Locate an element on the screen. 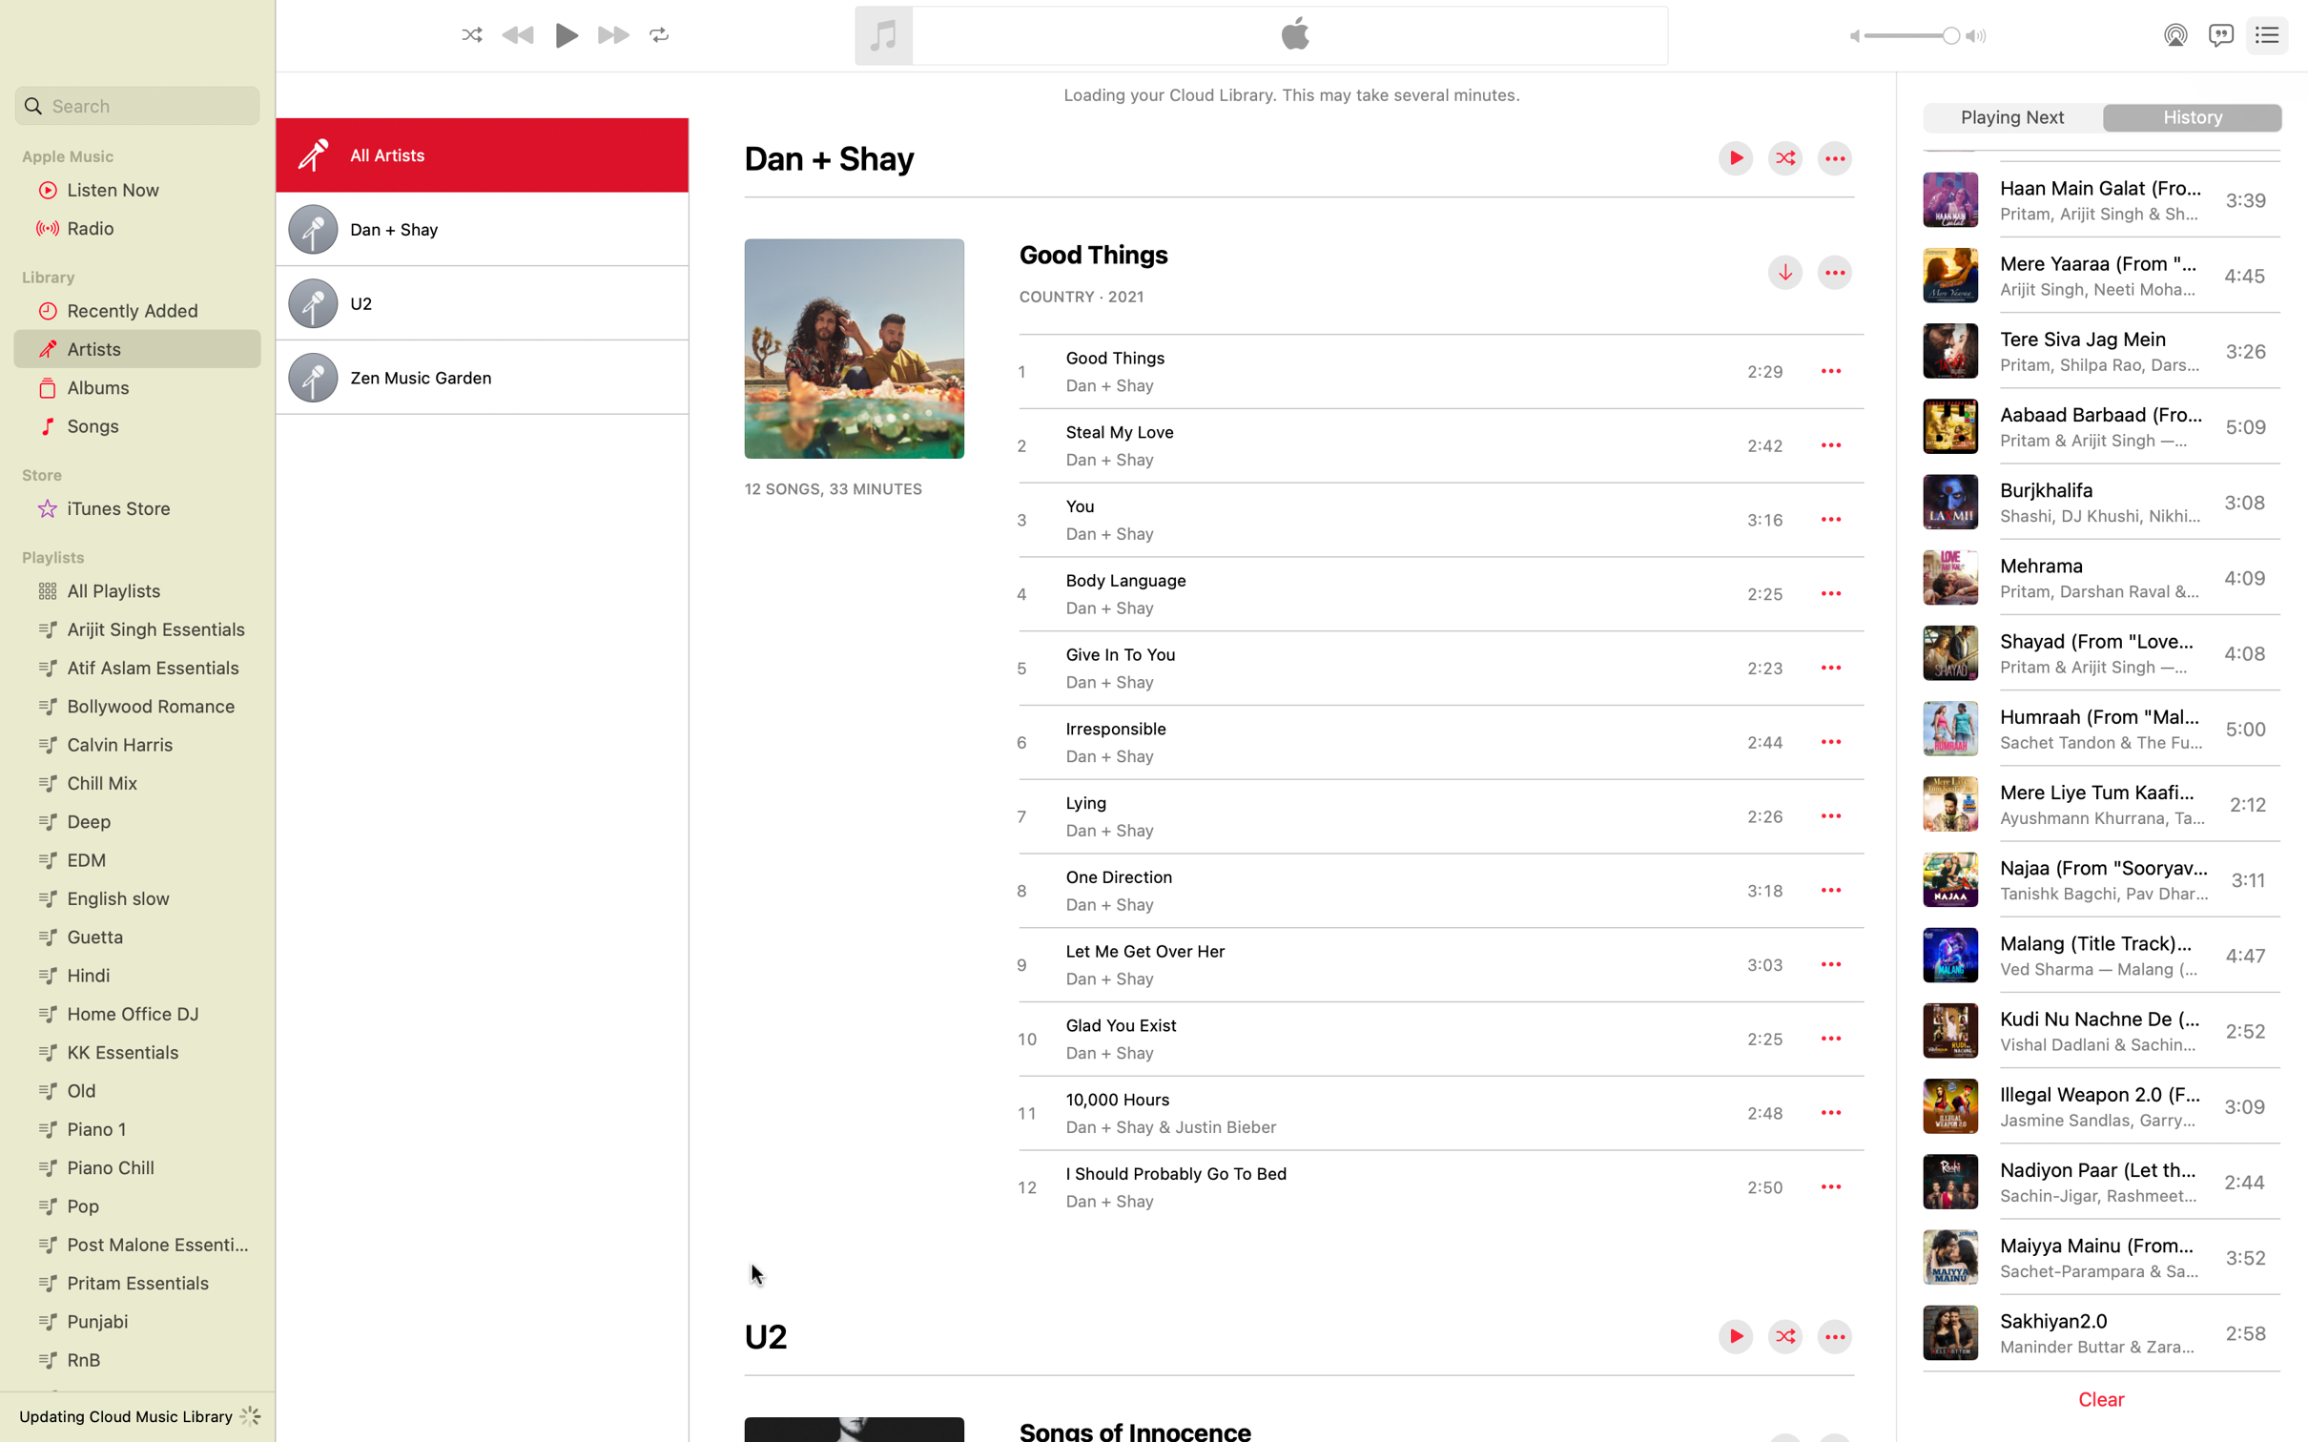  the song "One Direction is located at coordinates (1398, 888).